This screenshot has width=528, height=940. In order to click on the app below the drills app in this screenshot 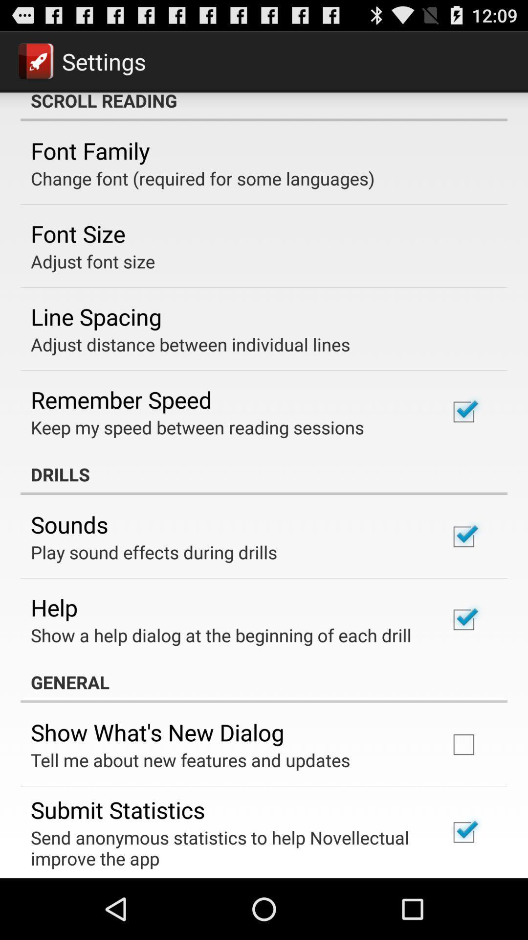, I will do `click(69, 524)`.